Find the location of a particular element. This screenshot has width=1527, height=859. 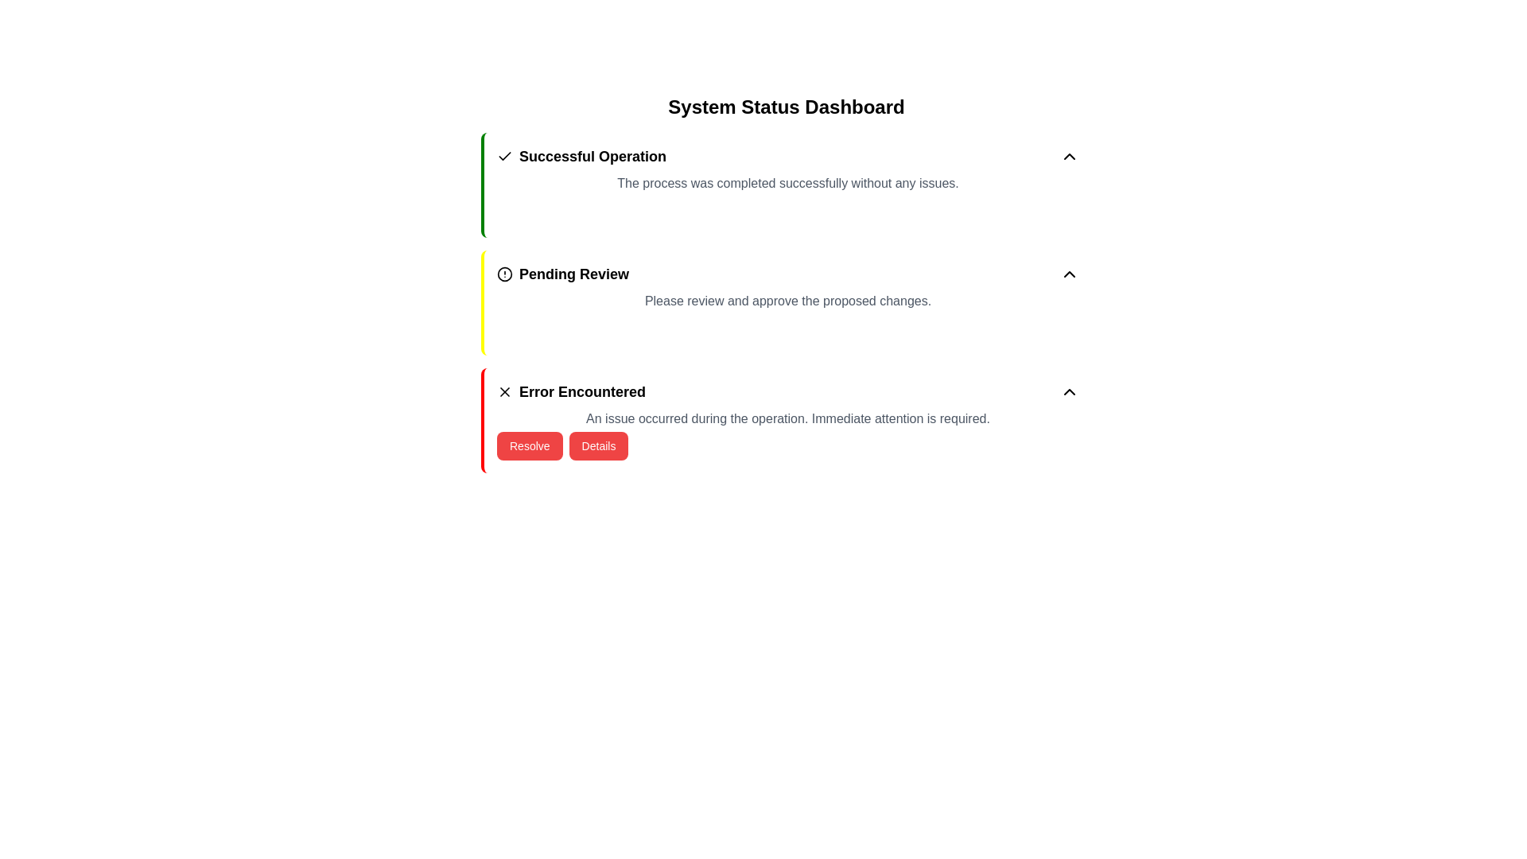

the circular outline icon located within the yellow-bordered 'Pending Review' section on the dashboard interface is located at coordinates (503, 273).